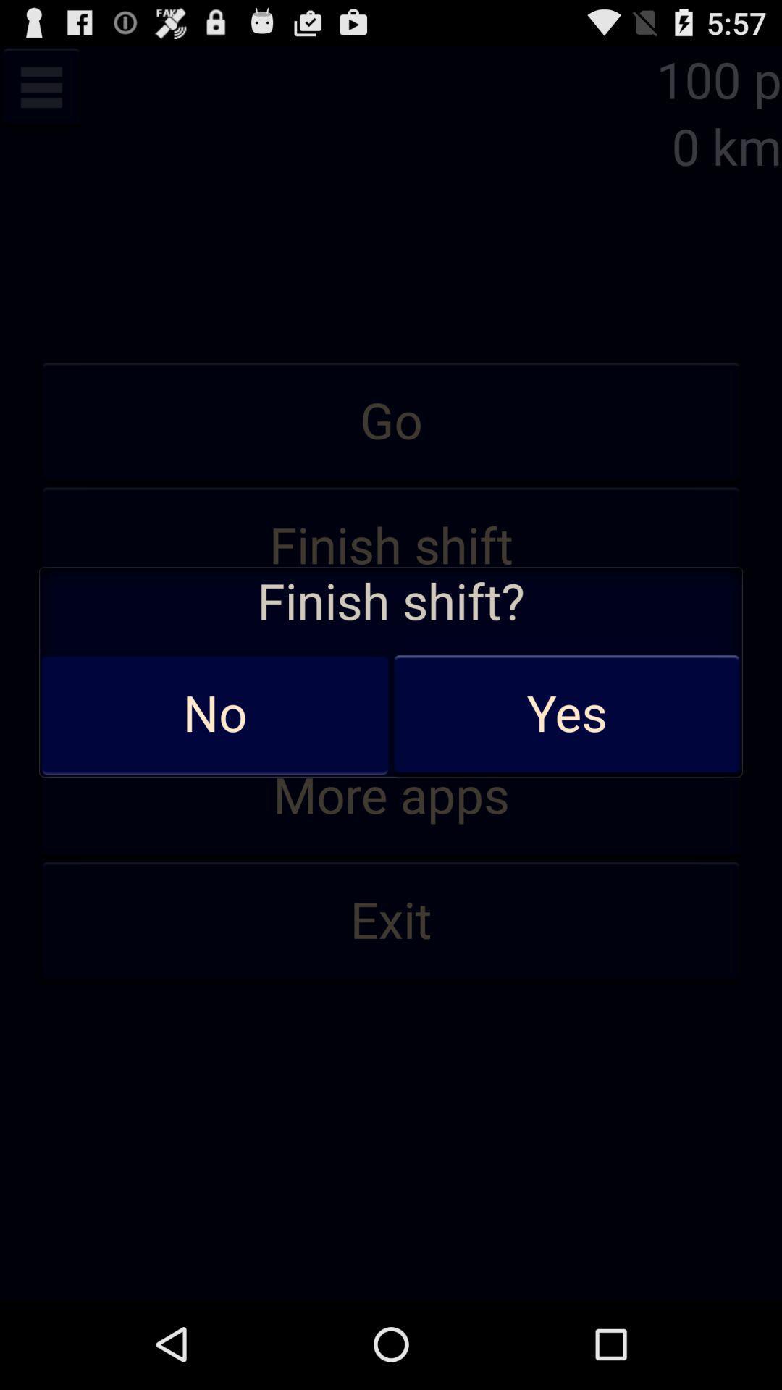 The height and width of the screenshot is (1390, 782). Describe the element at coordinates (566, 715) in the screenshot. I see `the app below the finish shift? icon` at that location.